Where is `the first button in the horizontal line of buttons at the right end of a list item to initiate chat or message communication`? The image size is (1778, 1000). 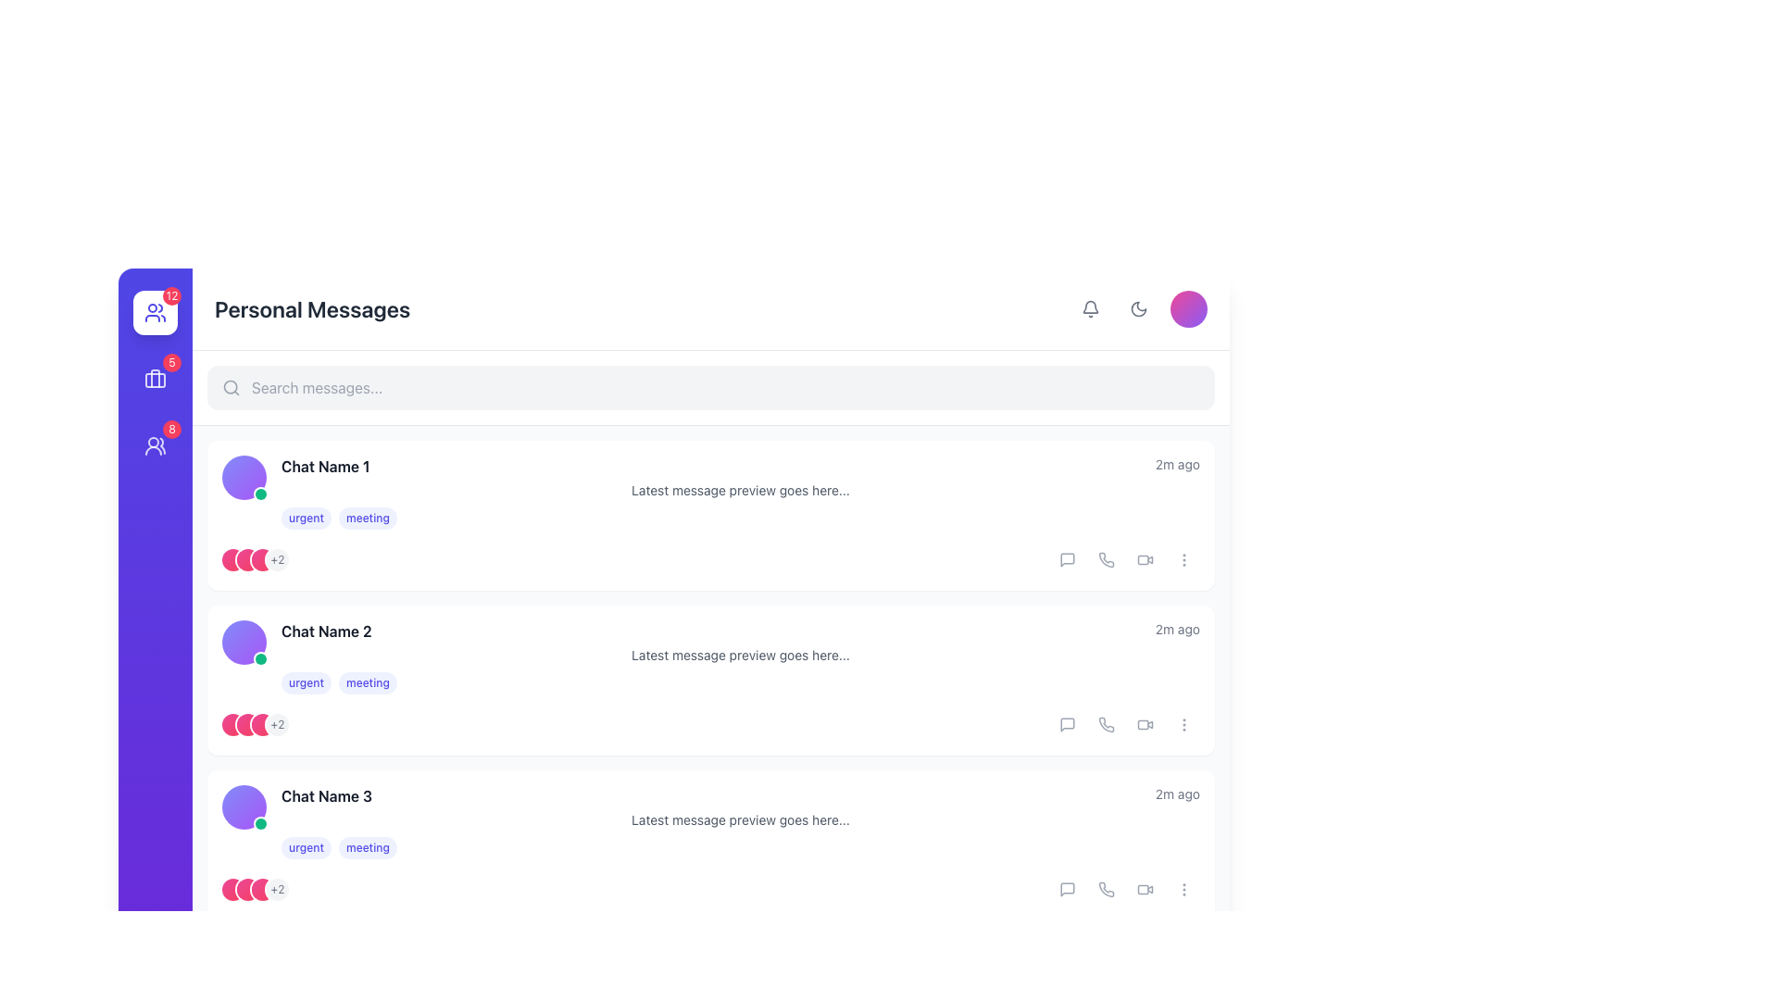 the first button in the horizontal line of buttons at the right end of a list item to initiate chat or message communication is located at coordinates (1067, 559).